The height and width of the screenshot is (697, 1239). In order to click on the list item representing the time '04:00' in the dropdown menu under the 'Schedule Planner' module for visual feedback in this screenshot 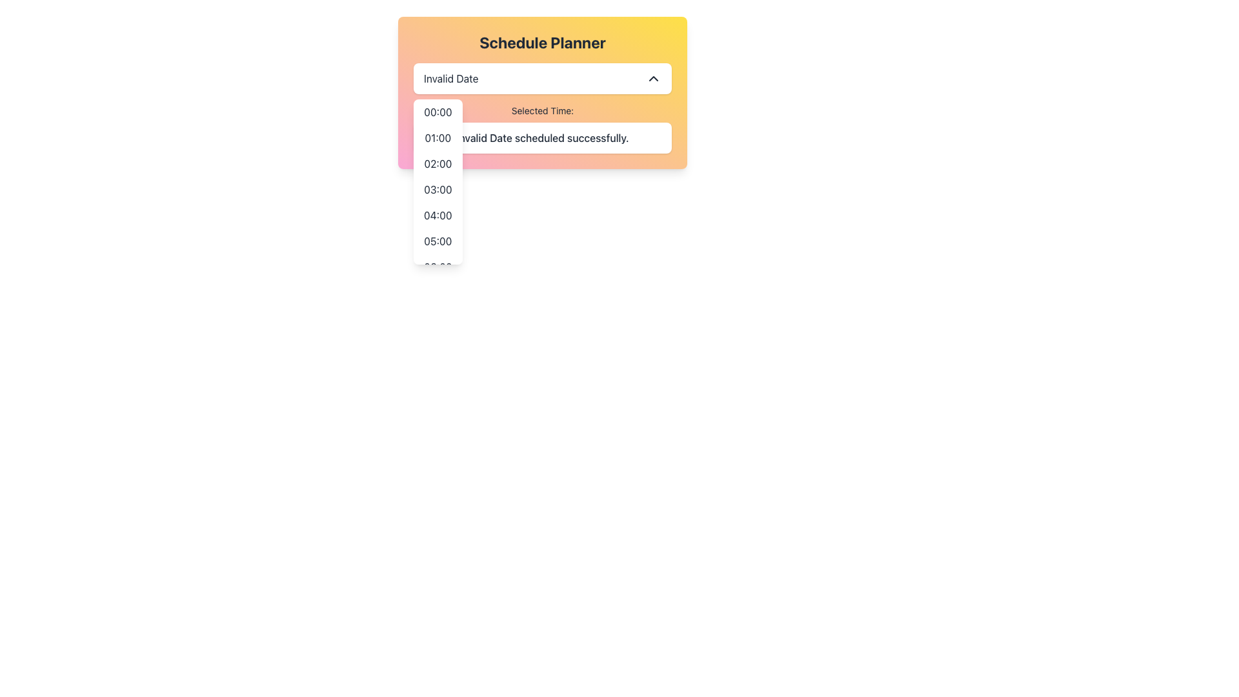, I will do `click(438, 215)`.